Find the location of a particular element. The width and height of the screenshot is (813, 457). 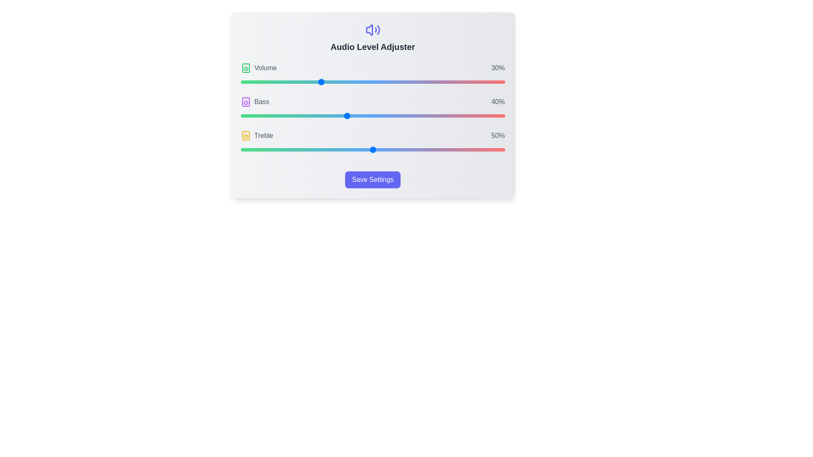

the Treble slider to 50% is located at coordinates (373, 149).